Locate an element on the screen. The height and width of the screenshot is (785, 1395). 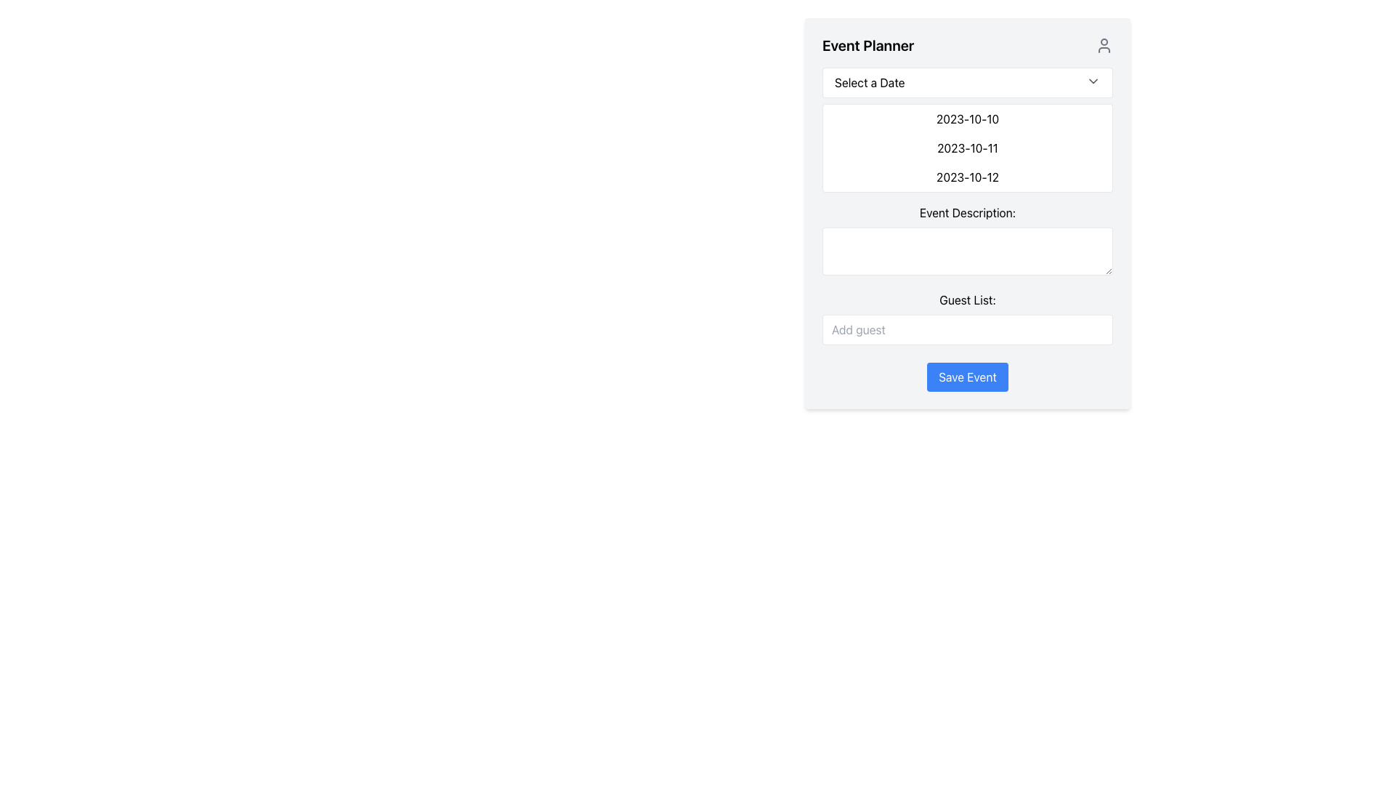
the 'Save' button at the bottom of the 'Event Planner' dialog box is located at coordinates (967, 377).